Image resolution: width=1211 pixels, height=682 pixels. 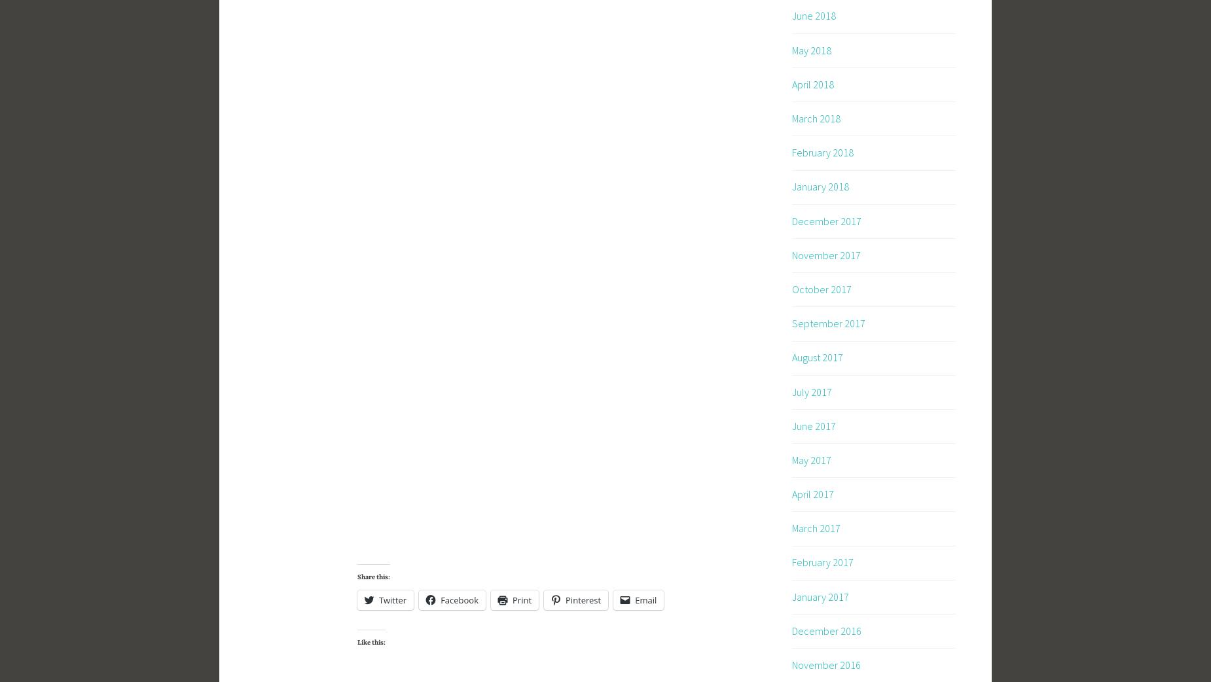 I want to click on 'September 2017', so click(x=827, y=323).